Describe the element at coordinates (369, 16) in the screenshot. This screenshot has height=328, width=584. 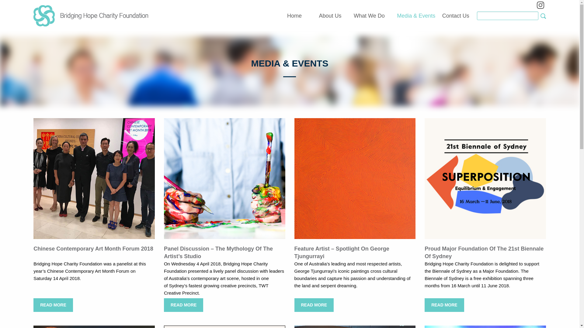
I see `'What We Do'` at that location.